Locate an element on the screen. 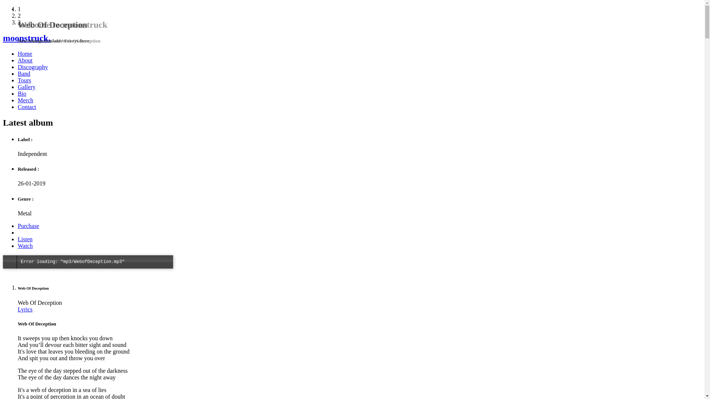 This screenshot has height=399, width=710. 'Listen' is located at coordinates (18, 239).